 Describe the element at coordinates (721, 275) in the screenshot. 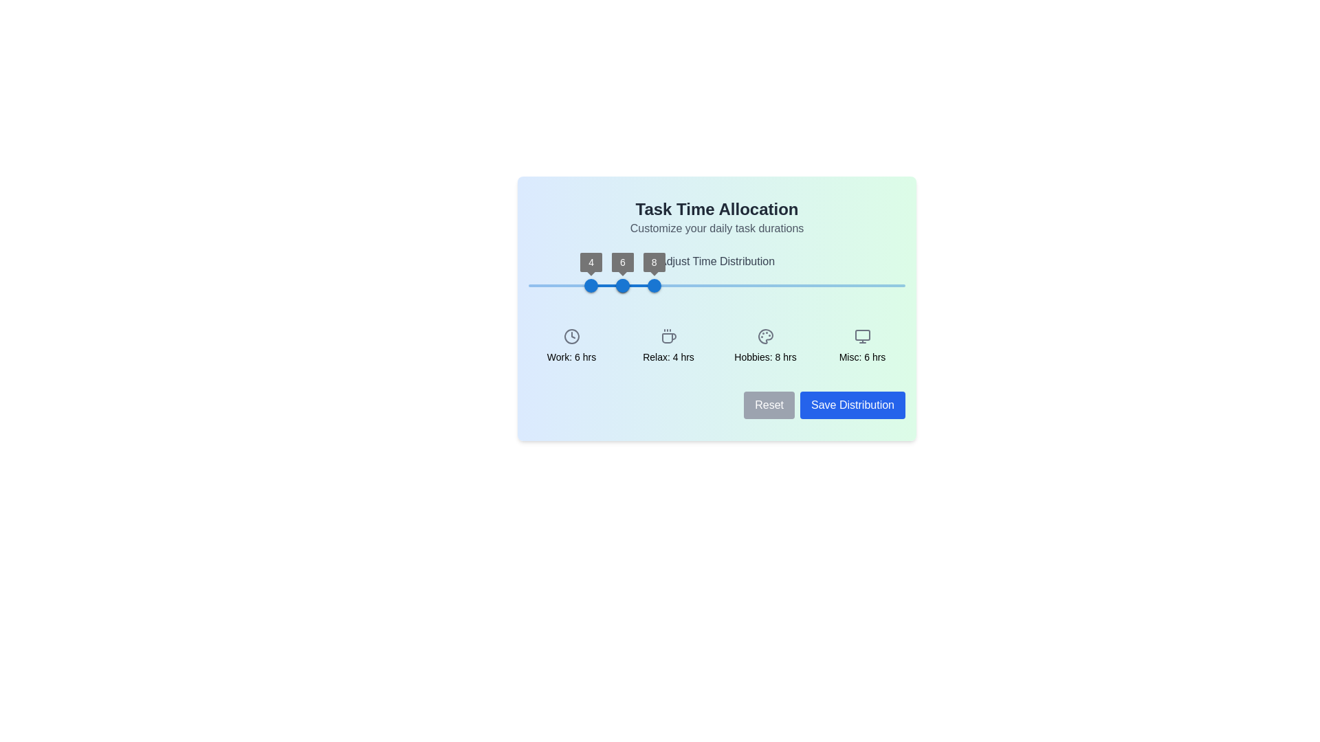

I see `the slider` at that location.